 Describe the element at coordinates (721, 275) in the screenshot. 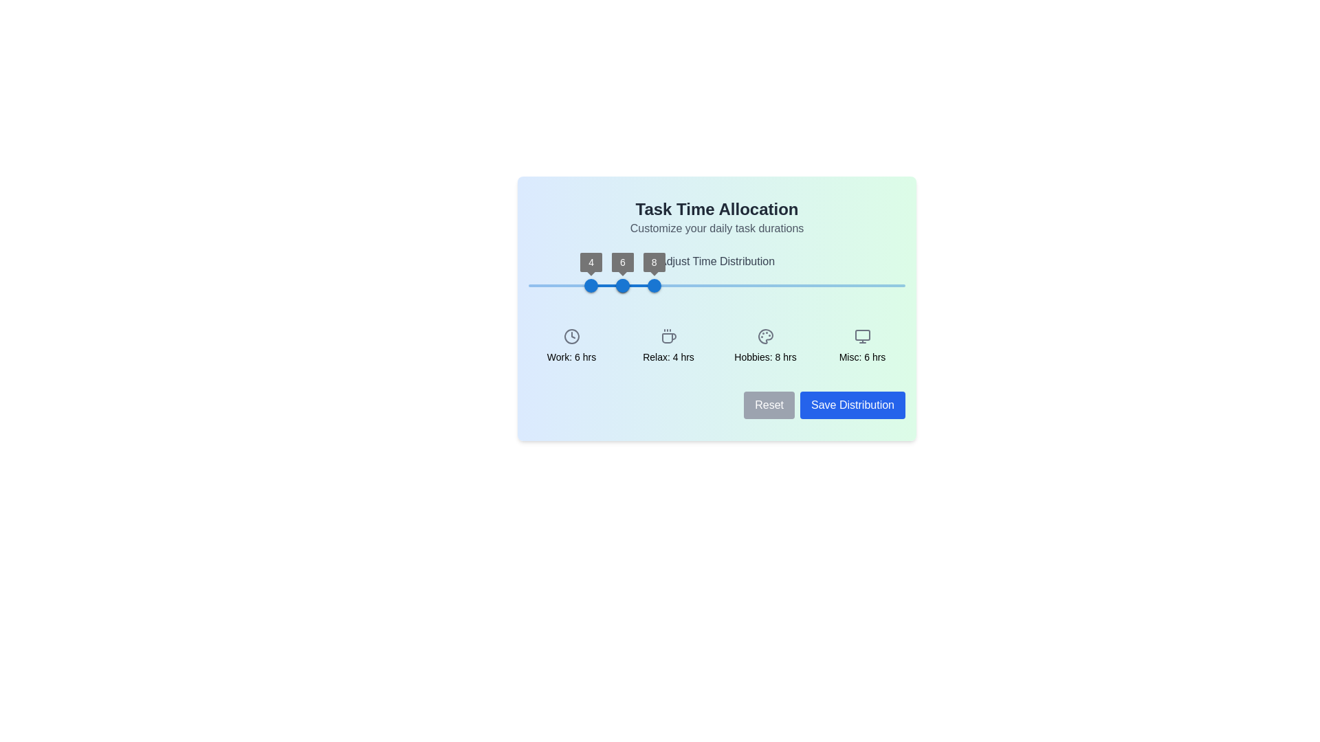

I see `the slider` at that location.